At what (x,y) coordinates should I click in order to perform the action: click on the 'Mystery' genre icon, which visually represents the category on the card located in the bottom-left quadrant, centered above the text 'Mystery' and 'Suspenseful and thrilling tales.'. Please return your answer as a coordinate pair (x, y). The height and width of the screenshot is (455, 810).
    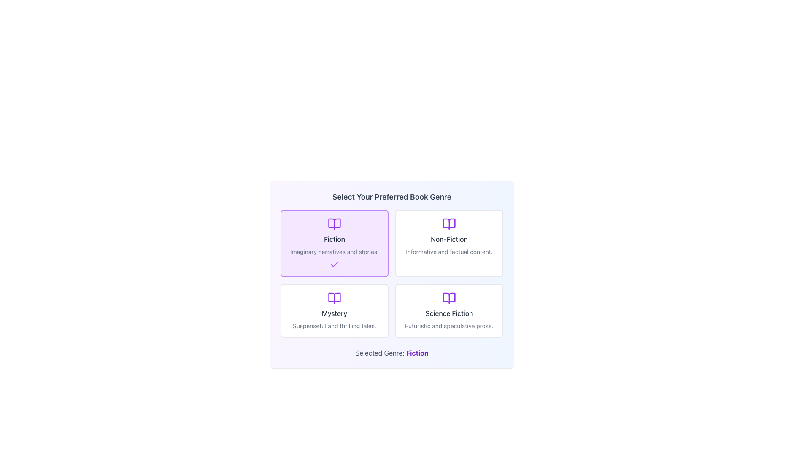
    Looking at the image, I should click on (334, 298).